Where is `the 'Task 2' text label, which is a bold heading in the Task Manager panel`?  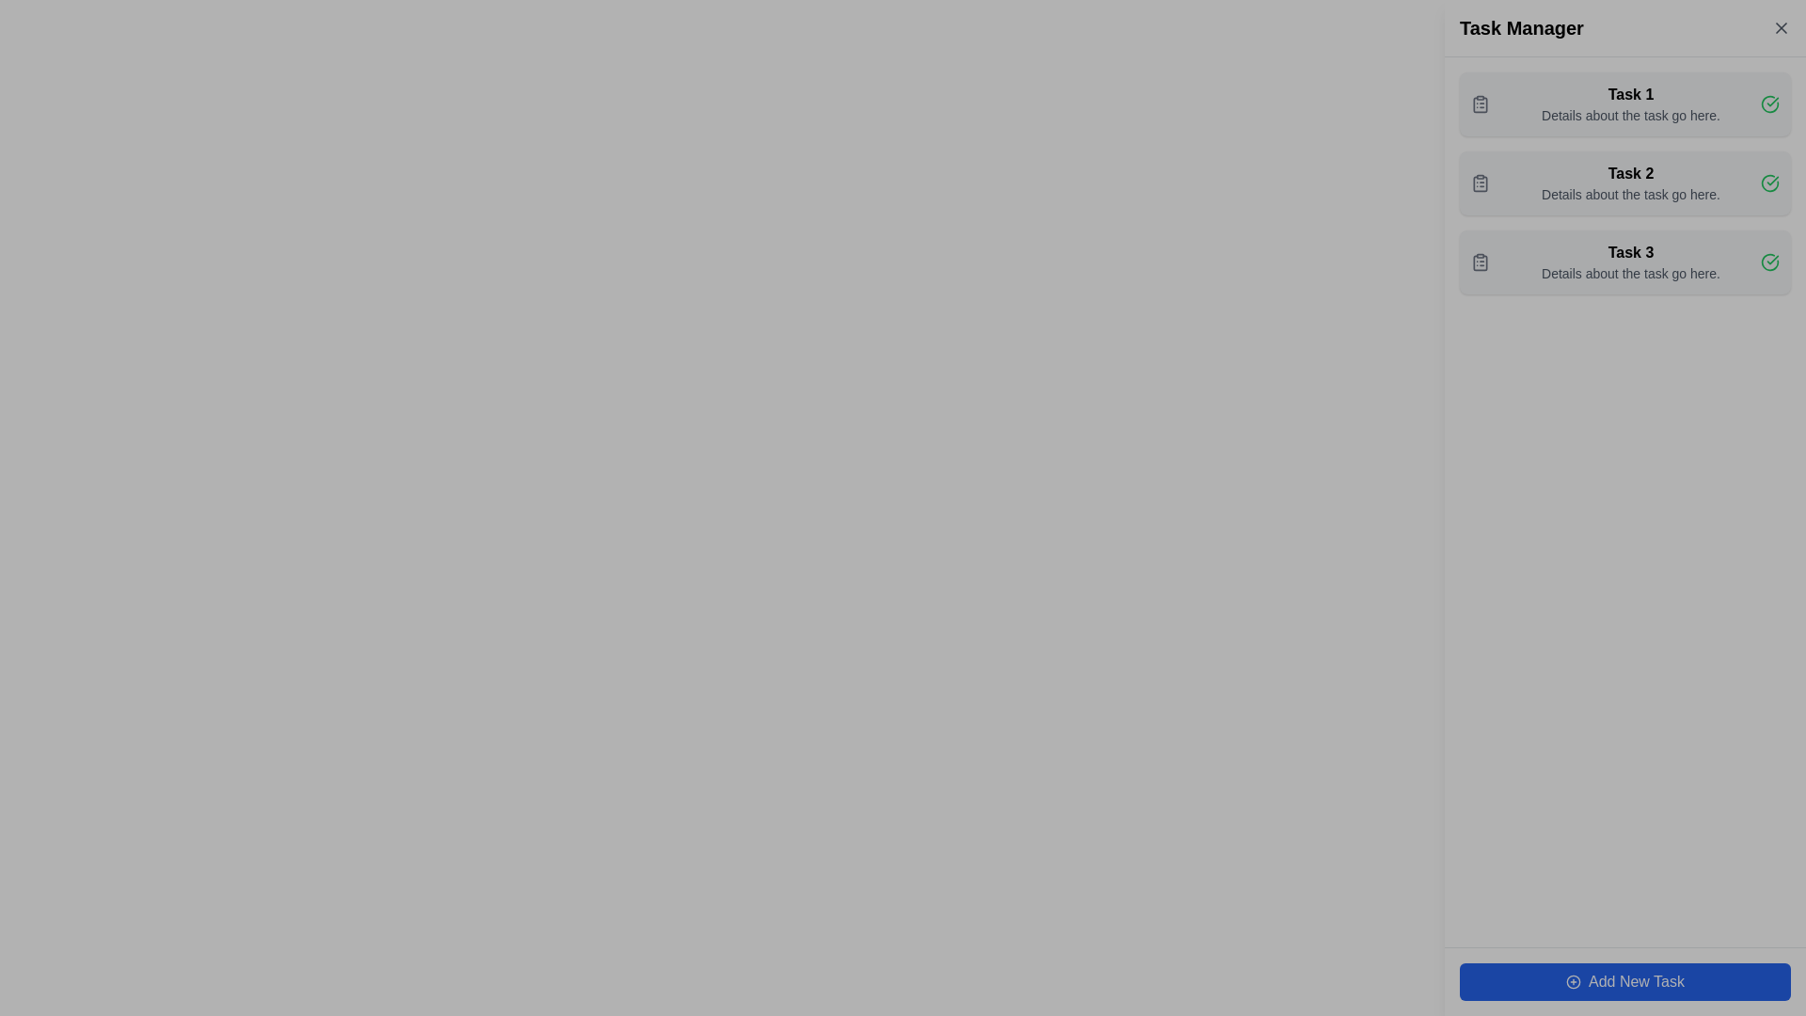 the 'Task 2' text label, which is a bold heading in the Task Manager panel is located at coordinates (1629, 174).